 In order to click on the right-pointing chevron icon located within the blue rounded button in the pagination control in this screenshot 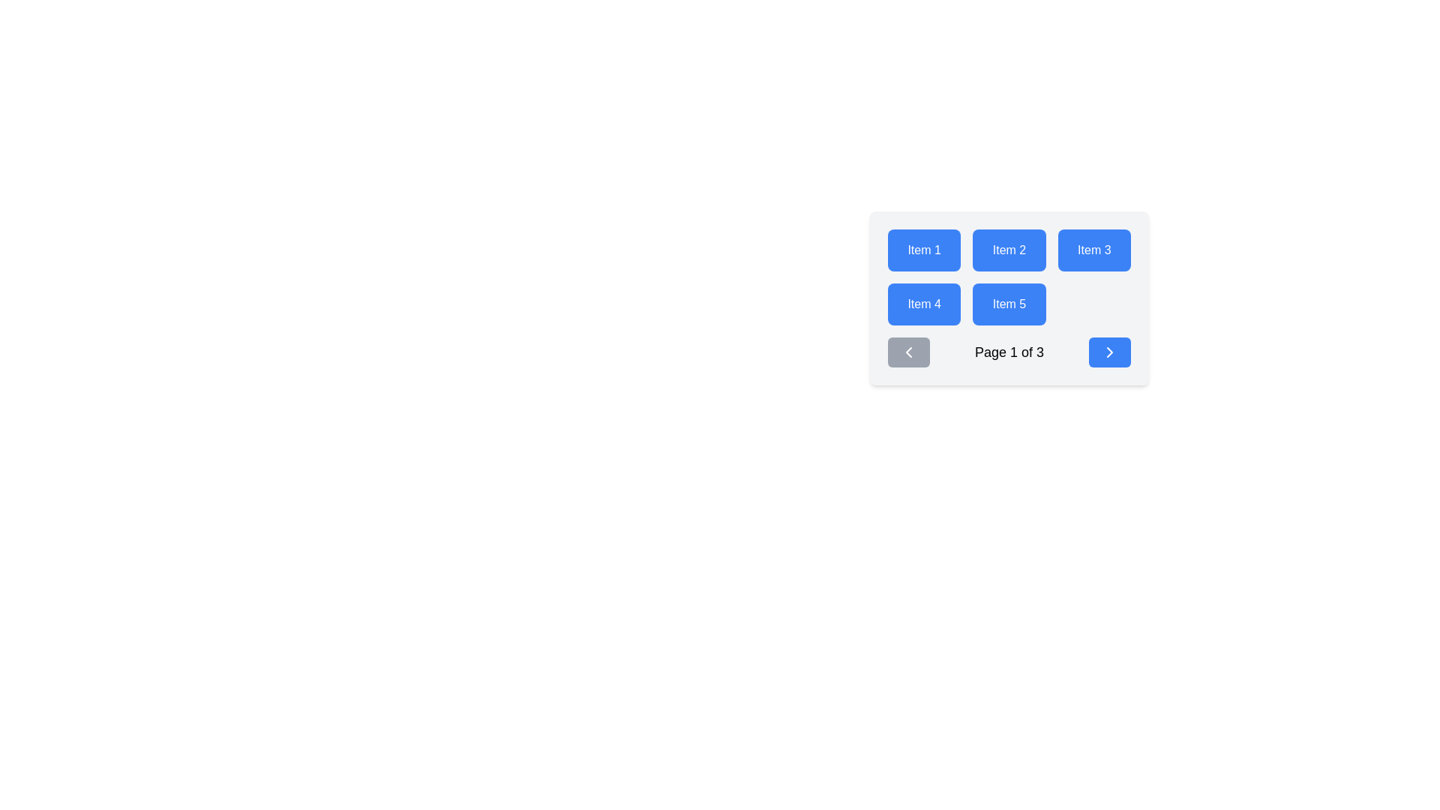, I will do `click(1109, 352)`.